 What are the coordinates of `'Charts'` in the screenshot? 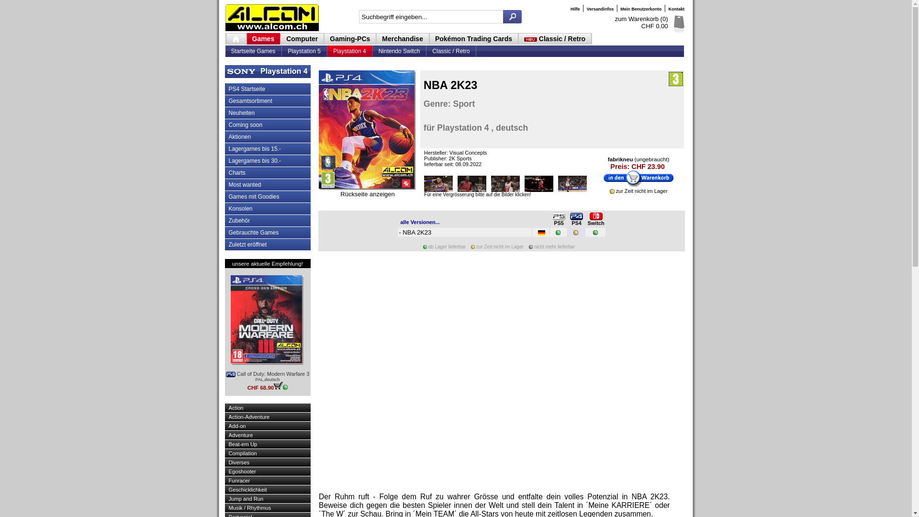 It's located at (268, 173).